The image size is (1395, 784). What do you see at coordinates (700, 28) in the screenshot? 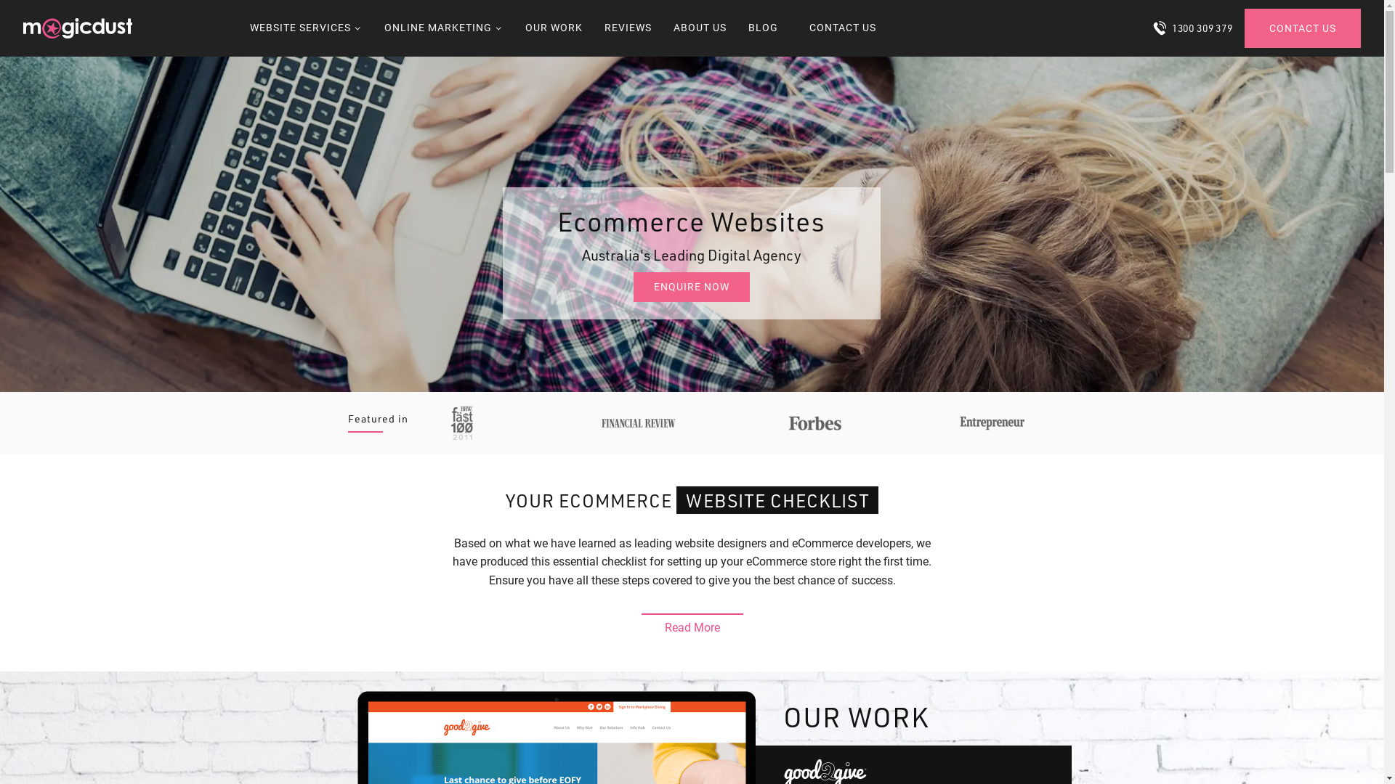
I see `'ABOUT US'` at bounding box center [700, 28].